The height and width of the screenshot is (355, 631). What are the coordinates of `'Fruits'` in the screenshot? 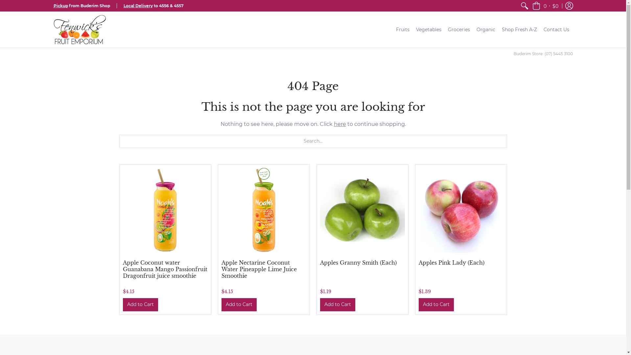 It's located at (402, 29).